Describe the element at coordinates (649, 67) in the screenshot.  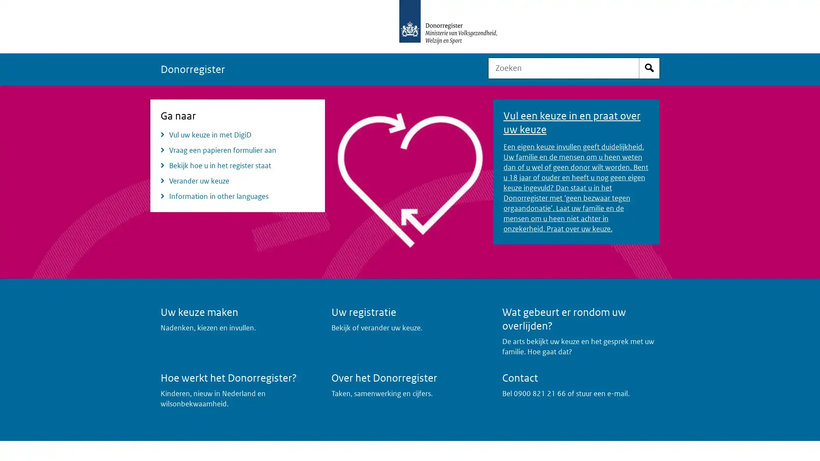
I see `Start zoeken` at that location.